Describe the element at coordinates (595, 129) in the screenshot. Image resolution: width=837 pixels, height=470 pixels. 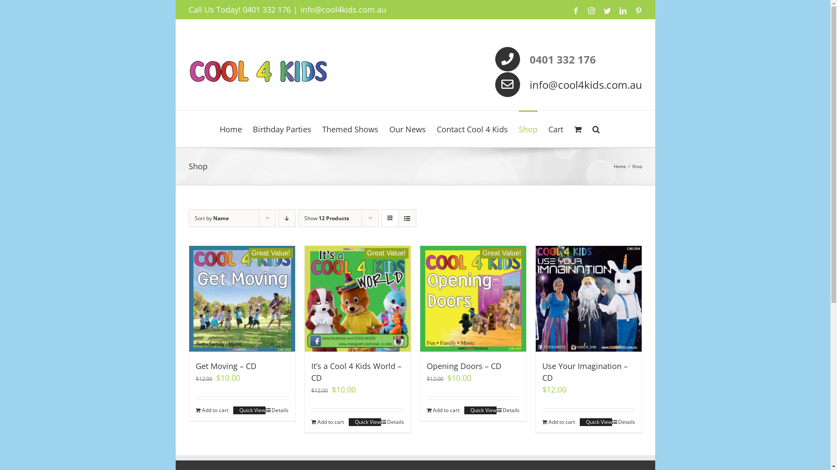
I see `'Search'` at that location.